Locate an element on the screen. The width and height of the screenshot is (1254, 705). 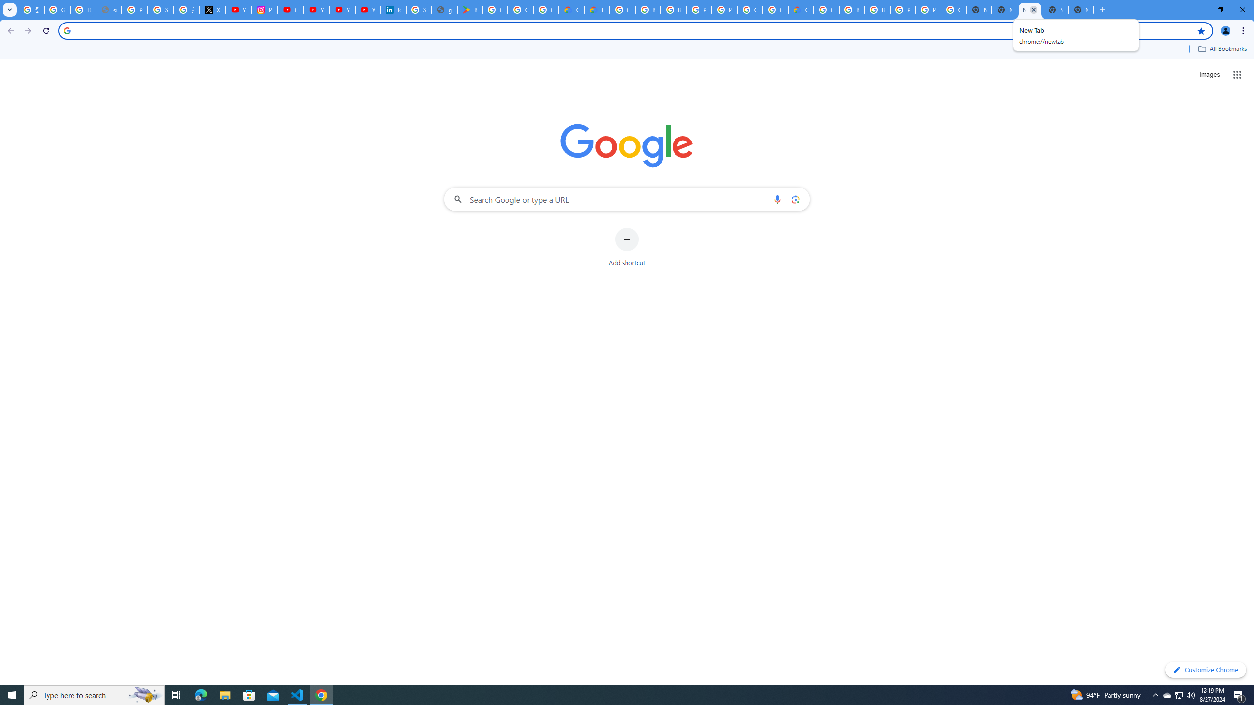
'Google Workspace - Specific Terms' is located at coordinates (545, 9).